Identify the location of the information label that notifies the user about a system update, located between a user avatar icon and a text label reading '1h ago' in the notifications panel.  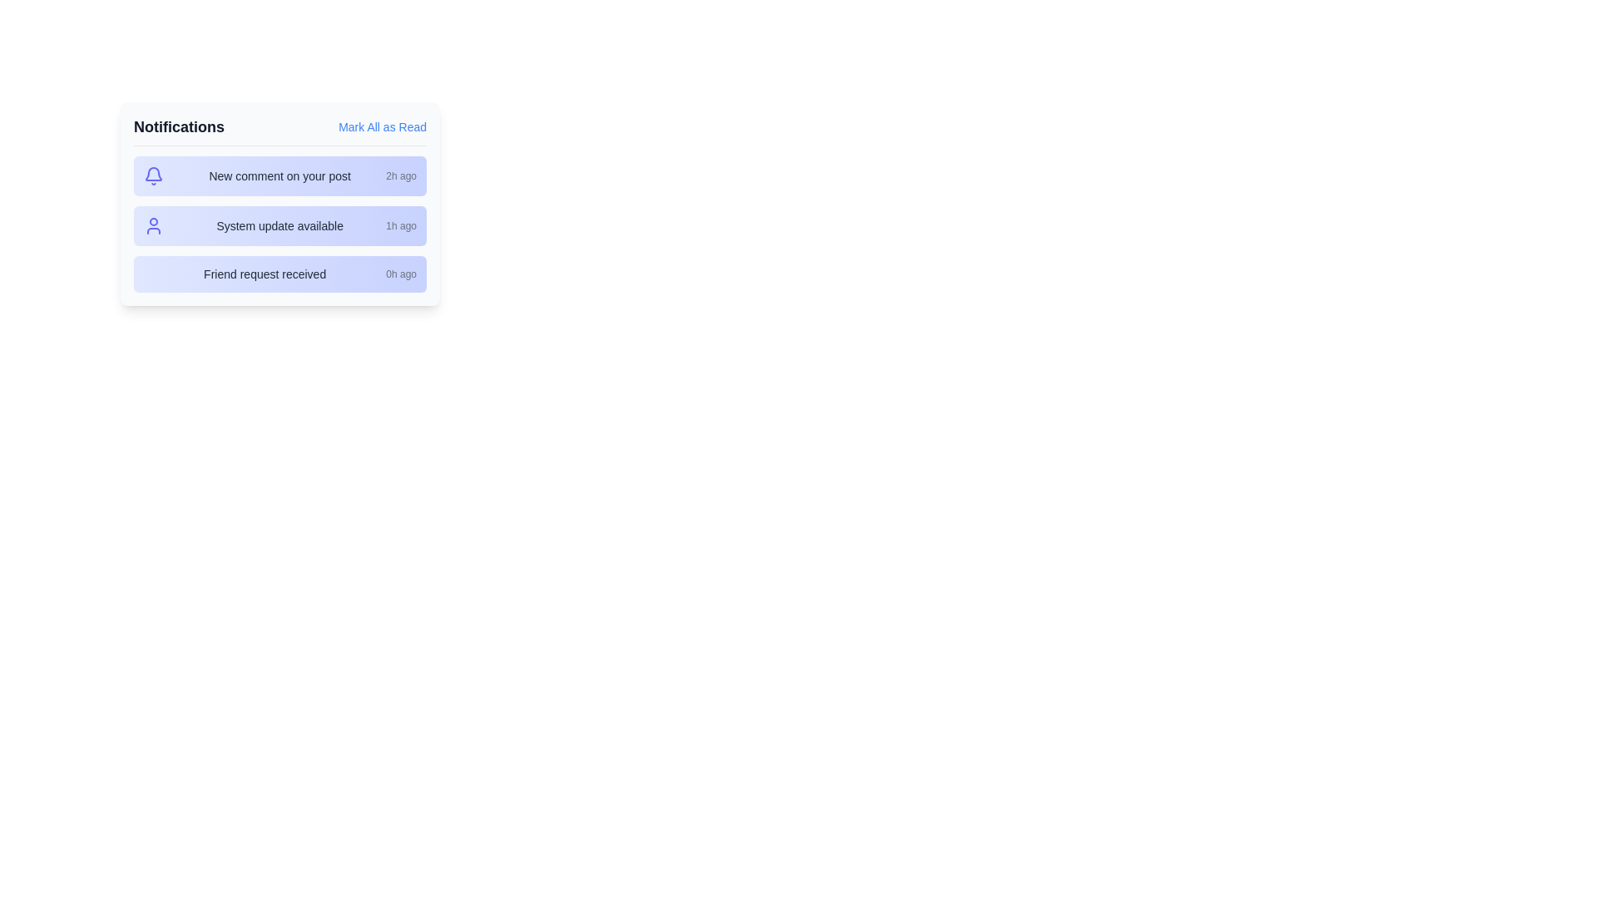
(279, 226).